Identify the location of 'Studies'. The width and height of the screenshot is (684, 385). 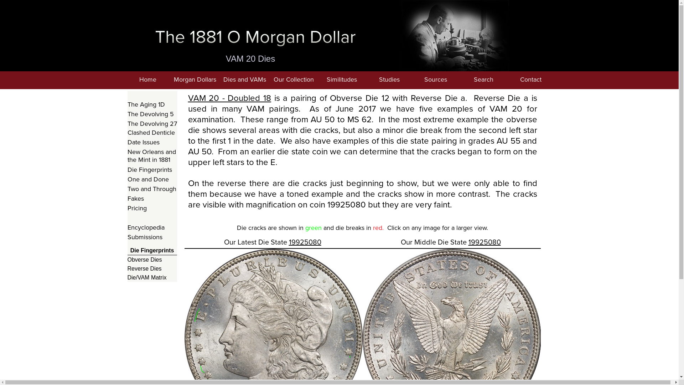
(389, 80).